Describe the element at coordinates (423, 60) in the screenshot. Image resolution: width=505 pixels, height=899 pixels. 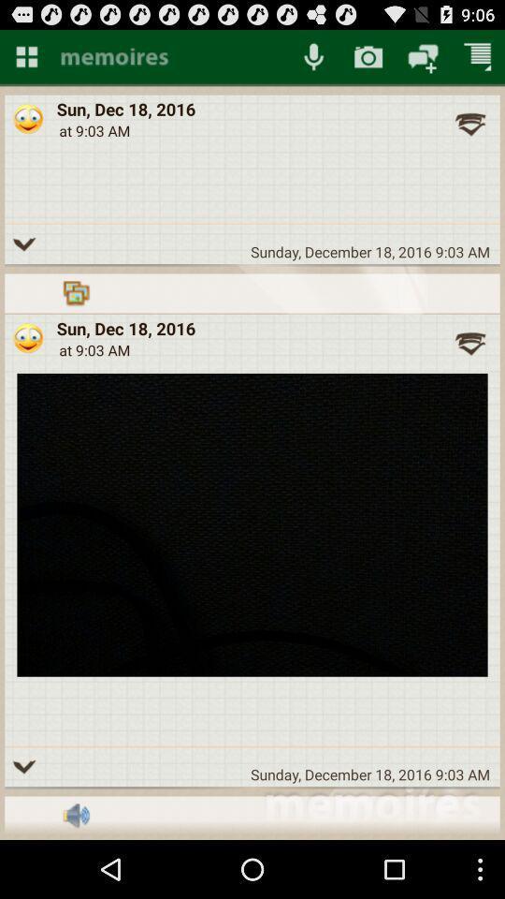
I see `the chat icon` at that location.